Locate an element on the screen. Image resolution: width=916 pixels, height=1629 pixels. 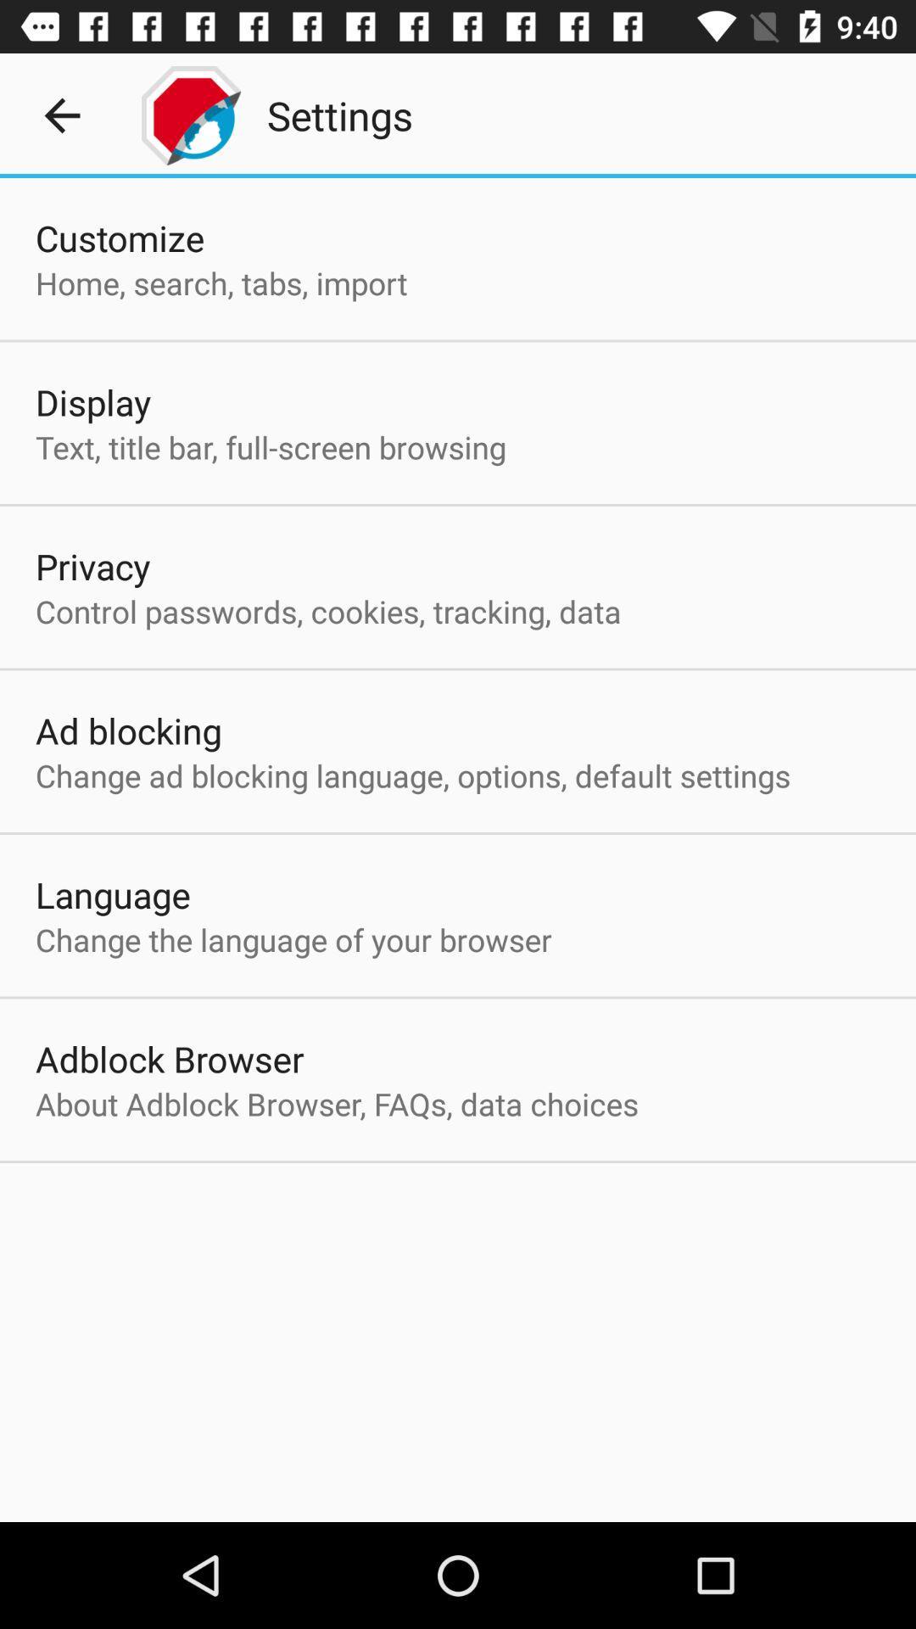
privacy app is located at coordinates (92, 566).